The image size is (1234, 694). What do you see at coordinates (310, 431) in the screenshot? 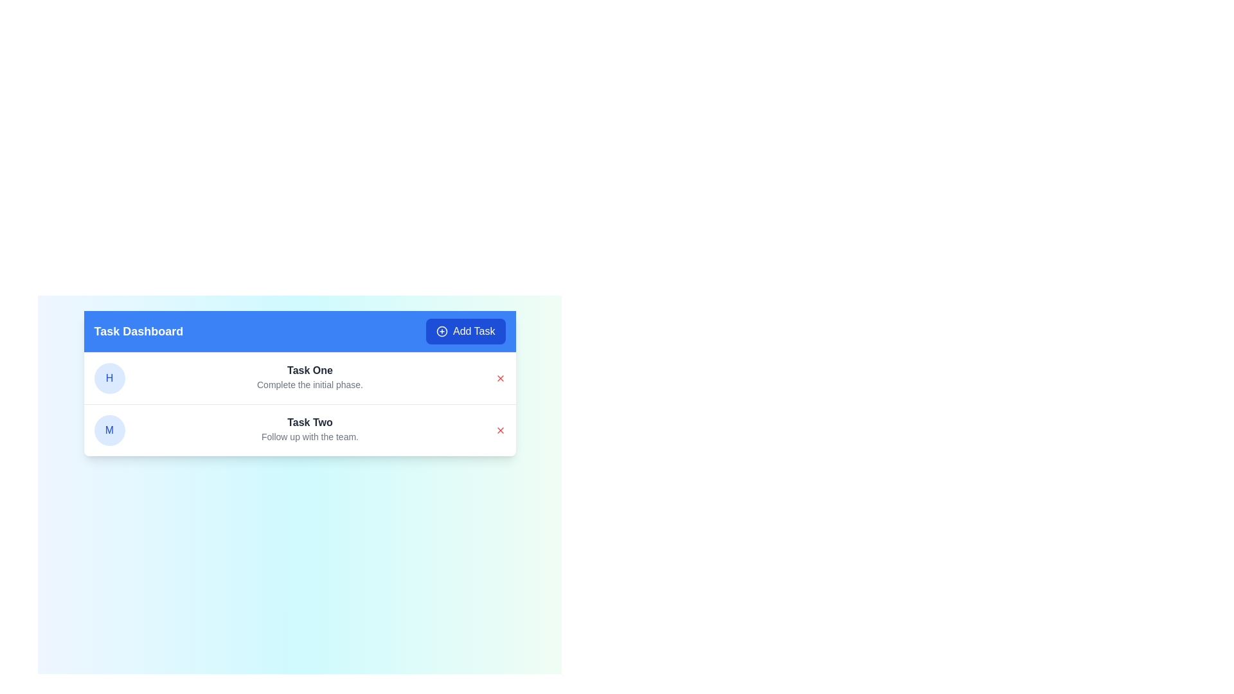
I see `the task entry text block located in the second row of the task list, which displays the task title and description` at bounding box center [310, 431].